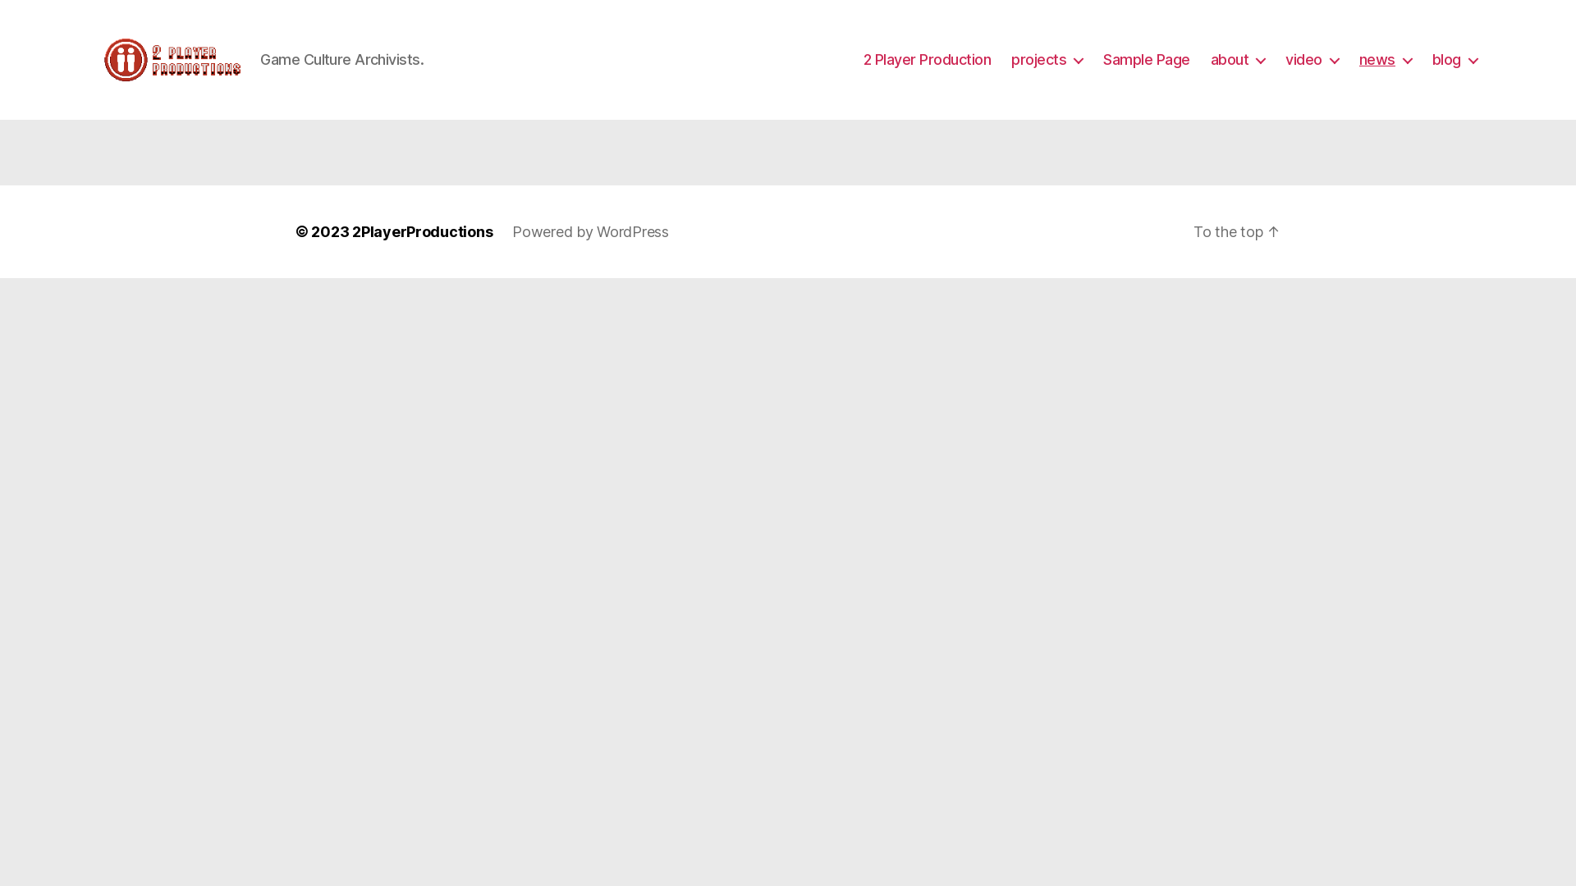 This screenshot has width=1576, height=886. I want to click on '2PlayerProductions', so click(350, 231).